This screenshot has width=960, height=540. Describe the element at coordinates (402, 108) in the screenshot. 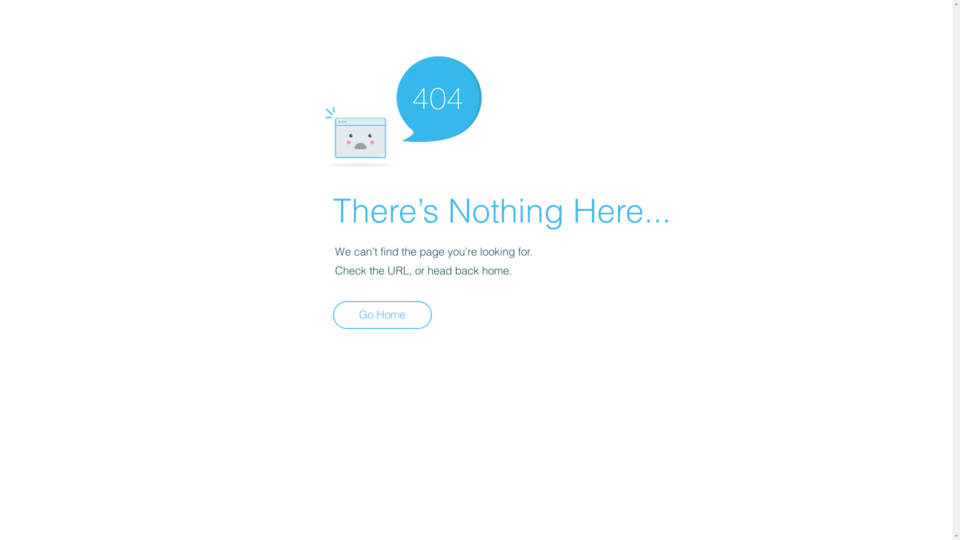

I see `'404-icon_2.png'` at that location.